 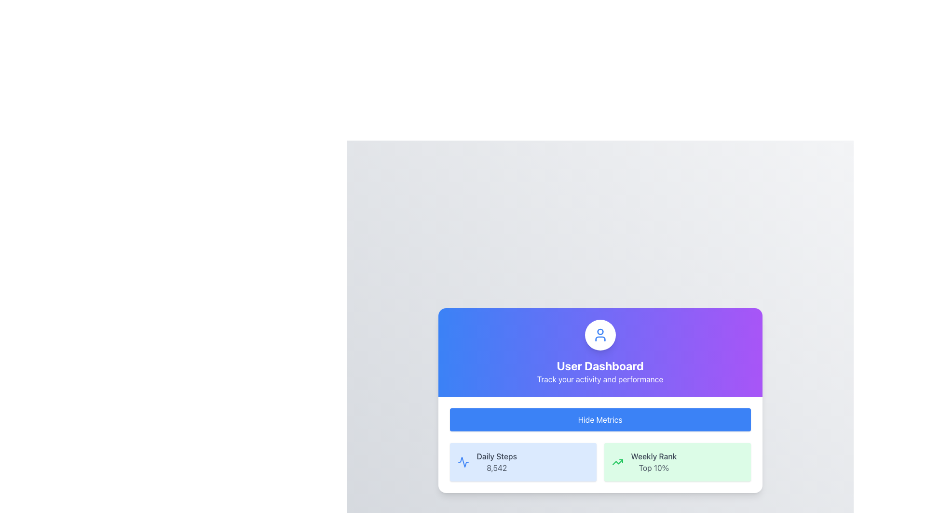 What do you see at coordinates (599, 365) in the screenshot?
I see `the bolded text label 'User Dashboard' which is centrally aligned in the header section of the interface` at bounding box center [599, 365].